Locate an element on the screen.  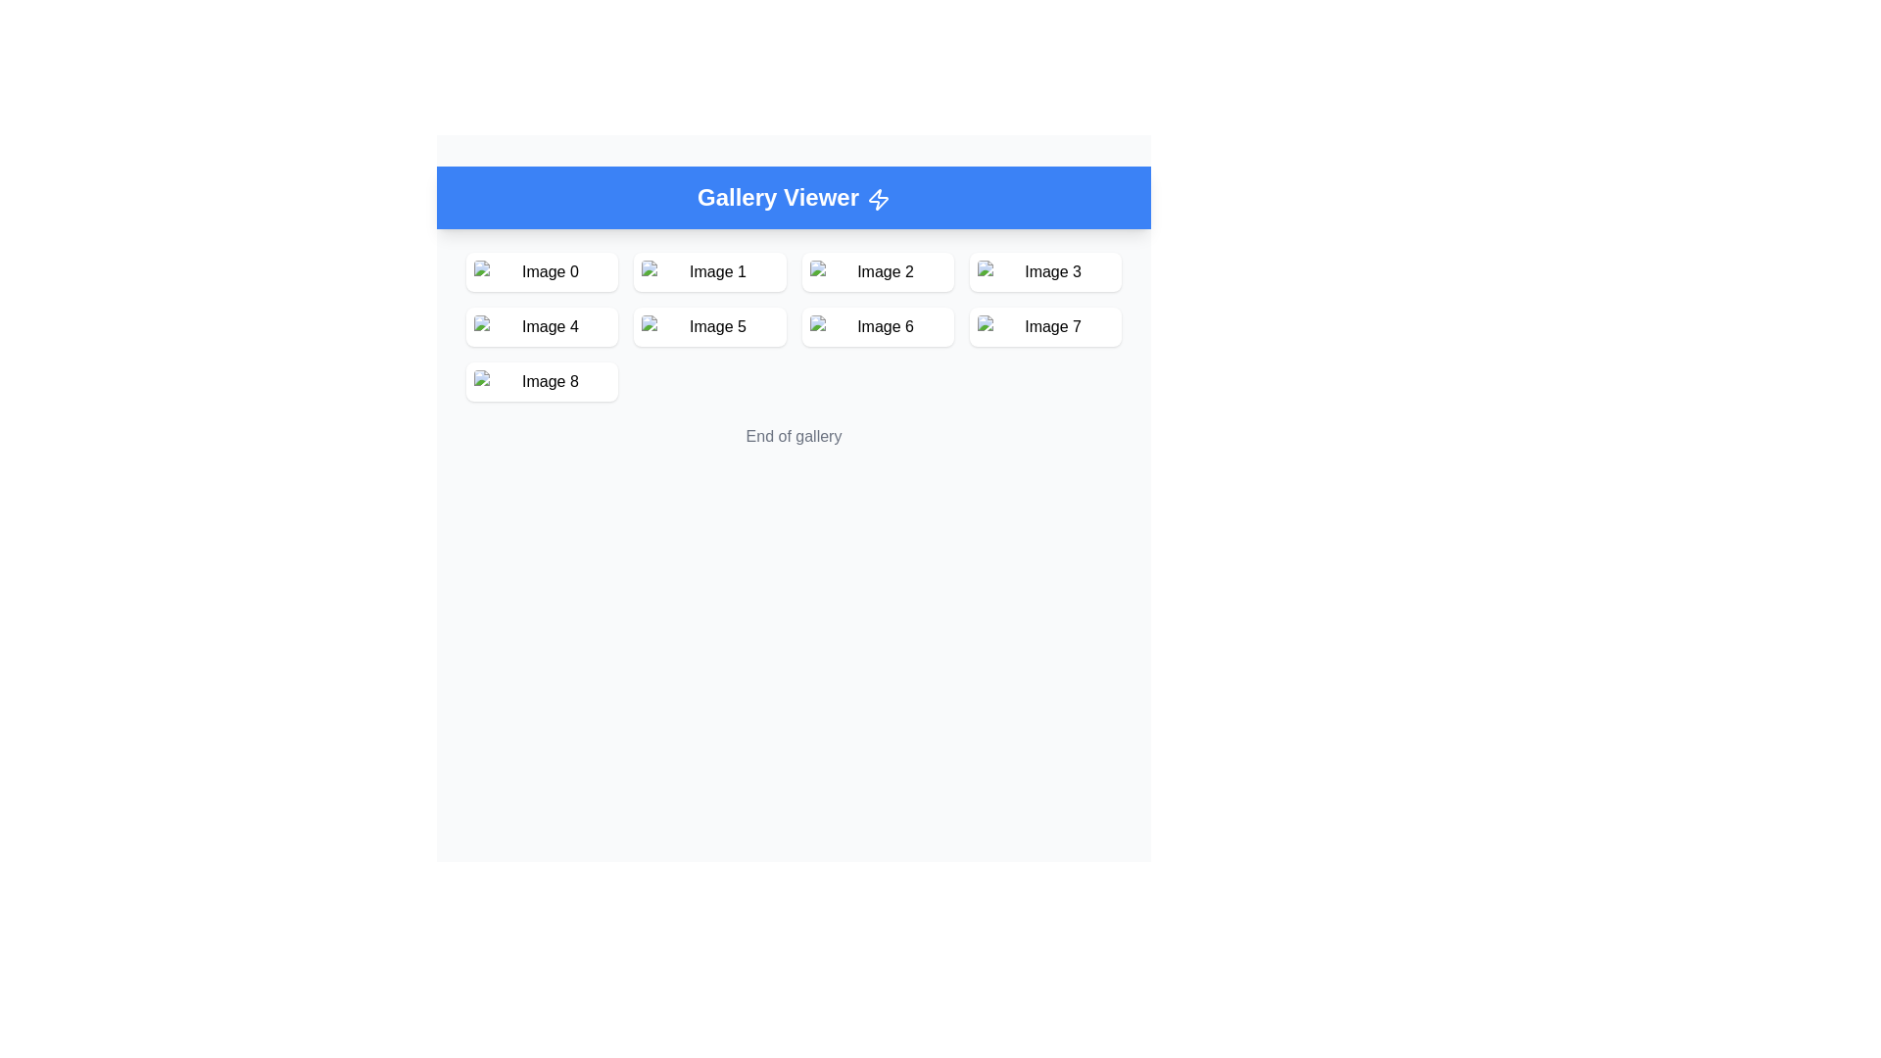
the Image Placeholder displaying 'Img6', which is located in the sixth slot of the grid layout in the gallery viewer is located at coordinates (877, 326).